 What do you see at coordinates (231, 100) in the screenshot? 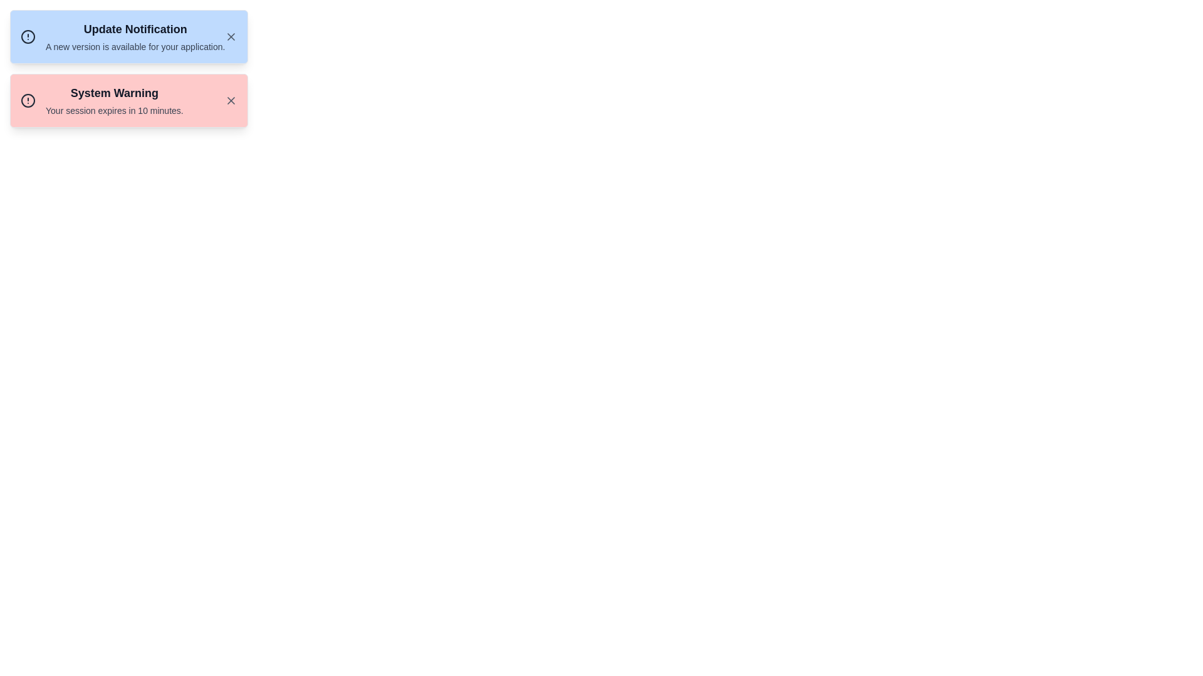
I see `close button of the notification identified by System Warning` at bounding box center [231, 100].